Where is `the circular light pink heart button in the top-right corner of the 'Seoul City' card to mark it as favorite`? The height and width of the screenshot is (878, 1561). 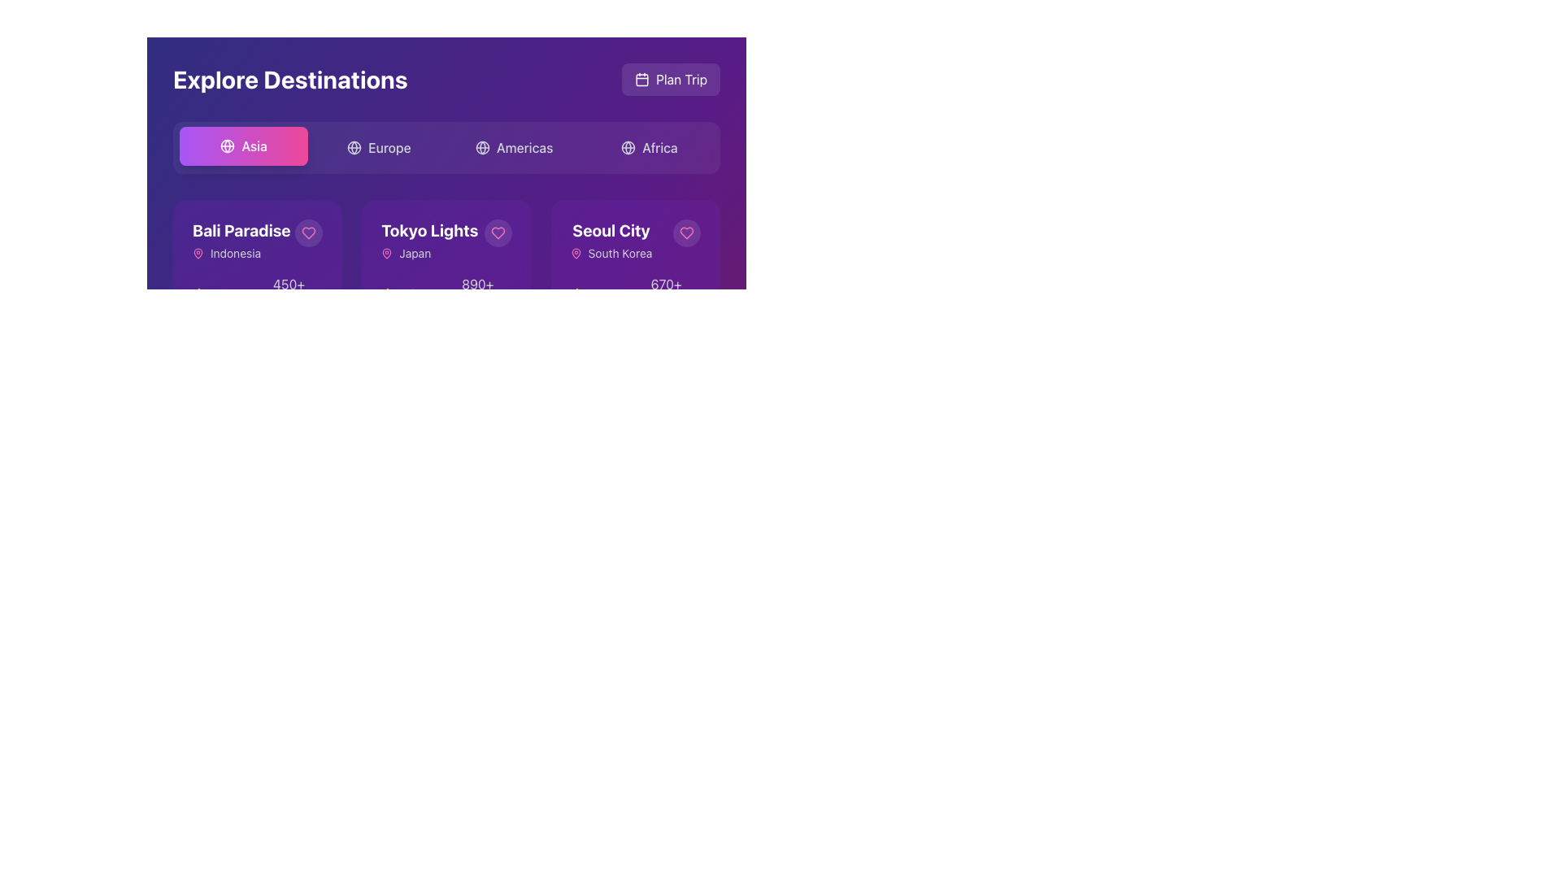 the circular light pink heart button in the top-right corner of the 'Seoul City' card to mark it as favorite is located at coordinates (686, 233).